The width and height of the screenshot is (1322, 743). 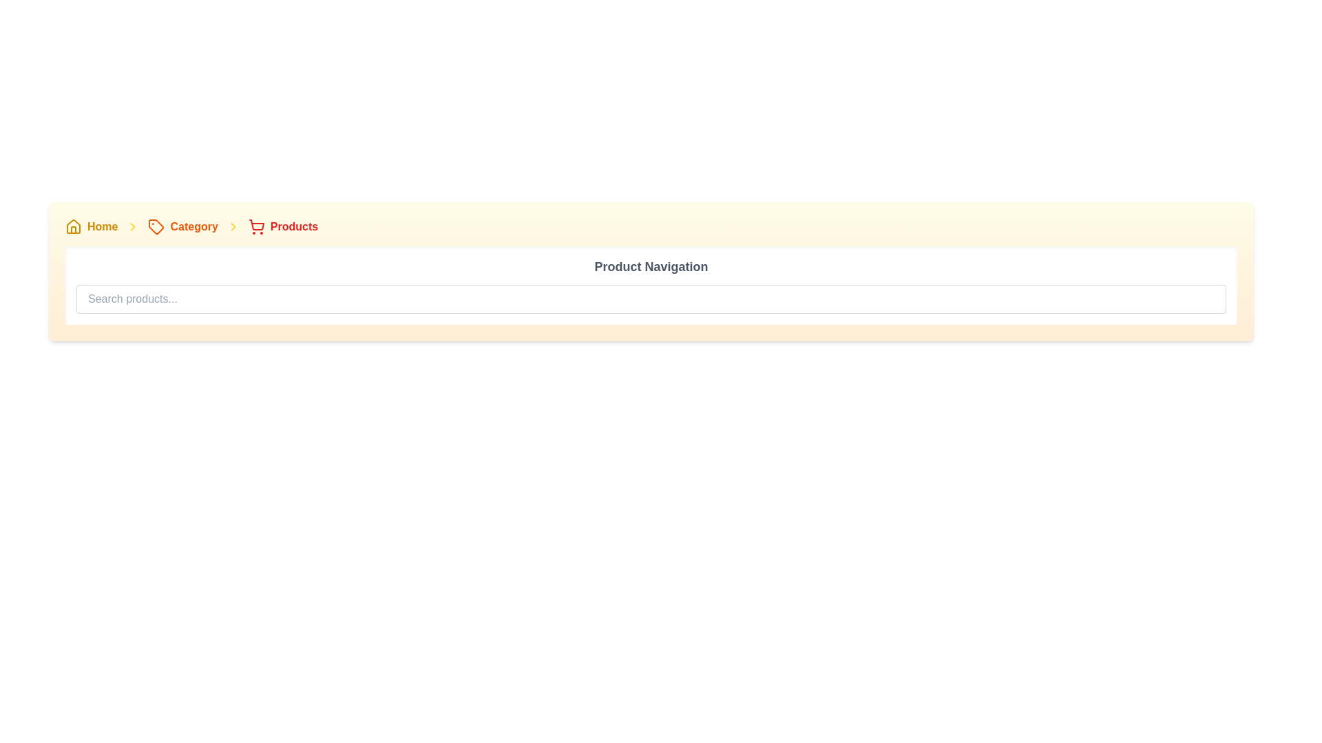 I want to click on the yellow chevron arrow icon in the breadcrumb navigation bar that follows the 'Home' text, serving as a navigation cue, so click(x=133, y=226).